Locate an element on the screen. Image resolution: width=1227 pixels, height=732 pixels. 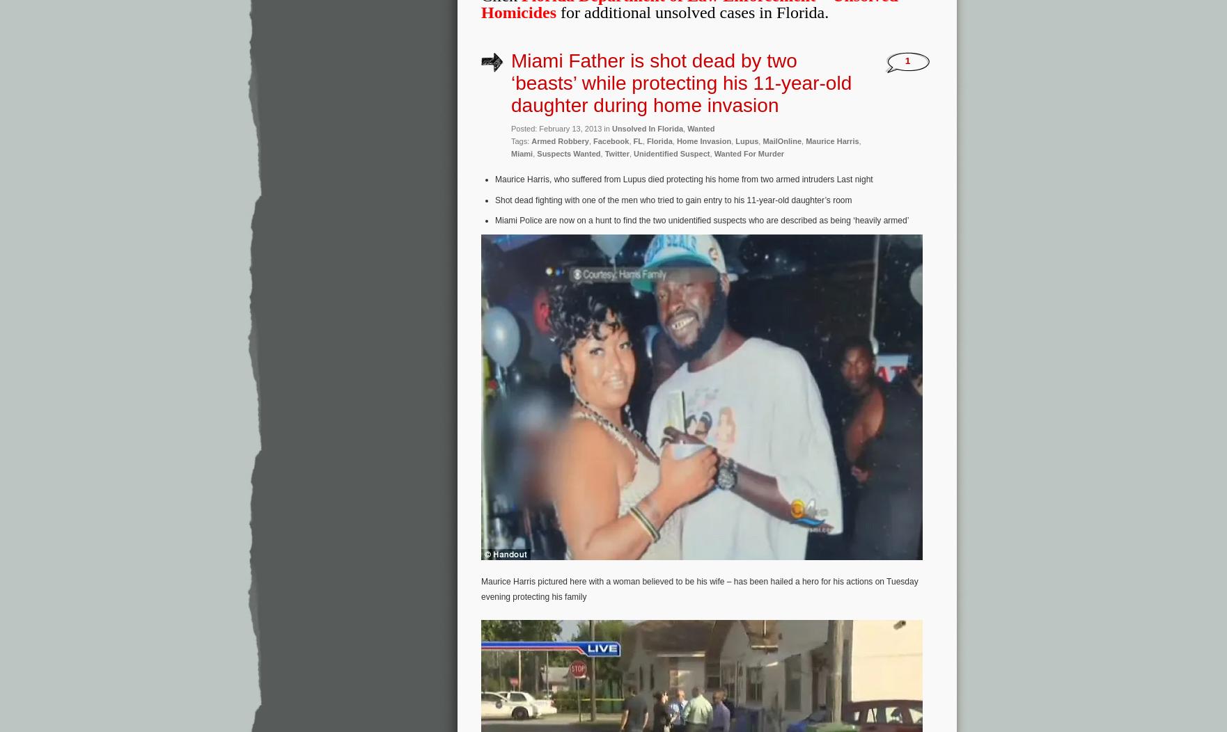
'1' is located at coordinates (907, 60).